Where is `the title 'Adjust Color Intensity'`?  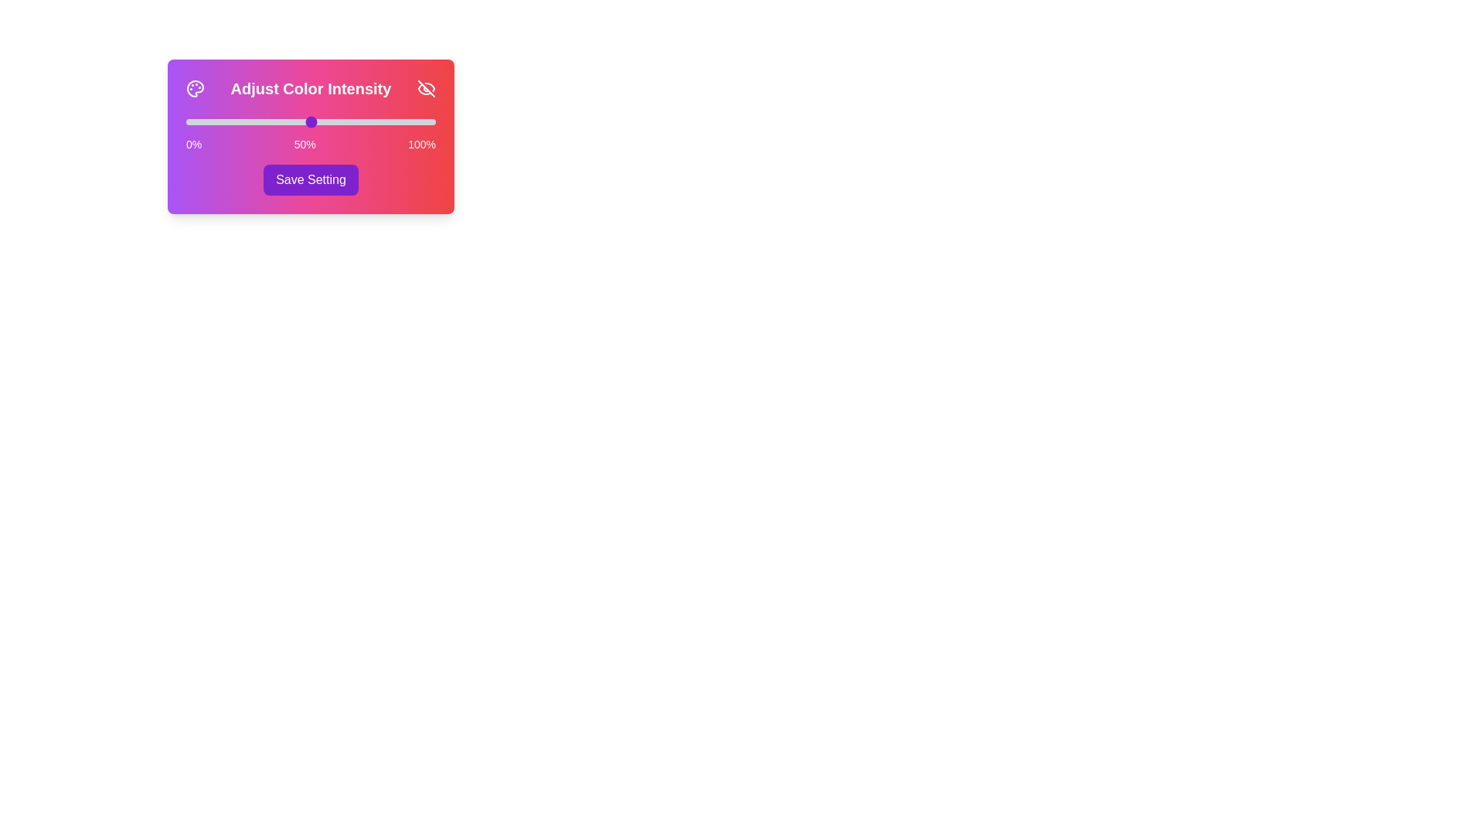
the title 'Adjust Color Intensity' is located at coordinates (310, 89).